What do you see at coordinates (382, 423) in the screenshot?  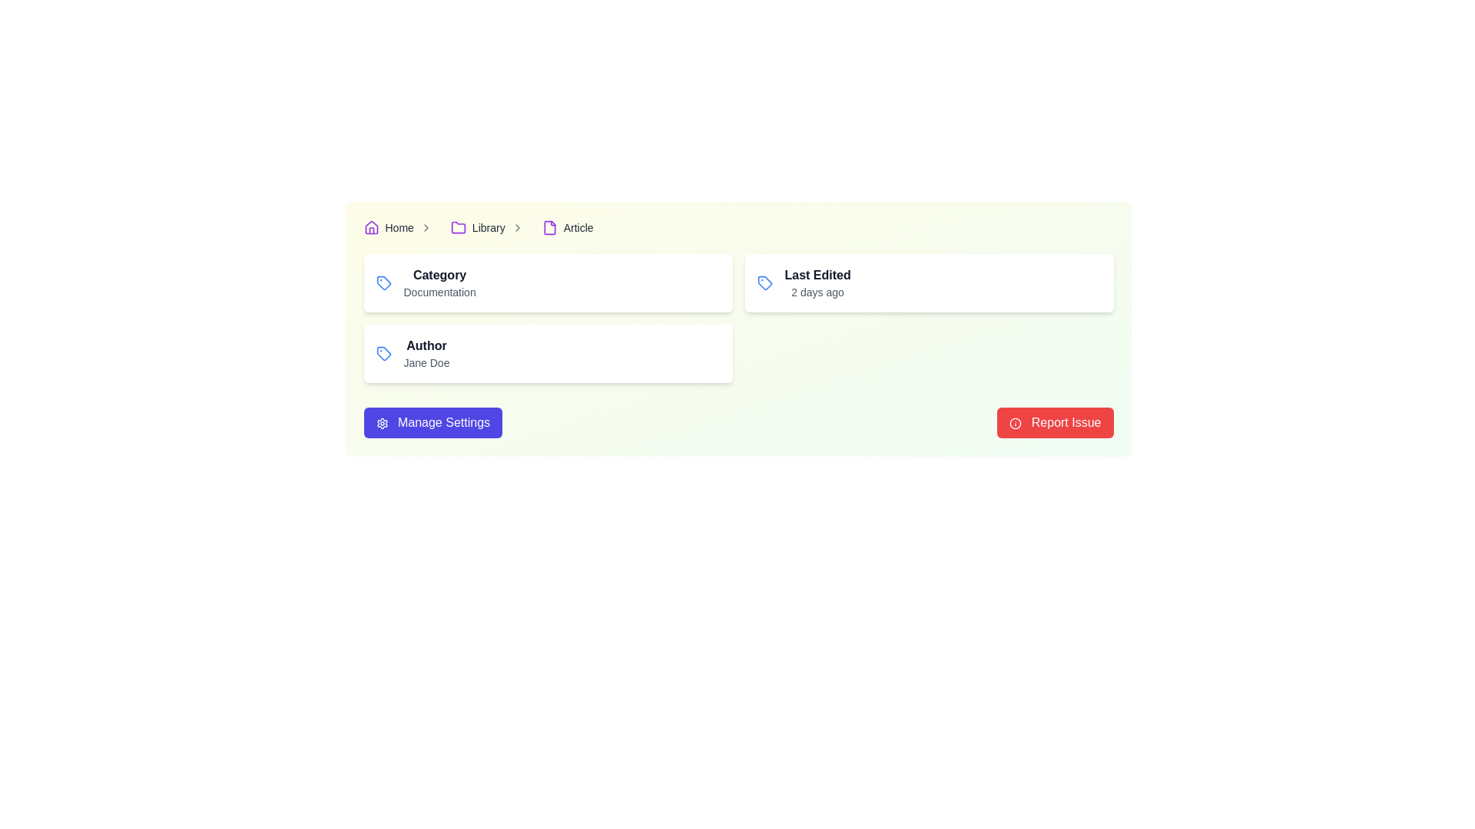 I see `the gear icon indicating settings, which is embedded in the 'Manage Settings' button with a purple background` at bounding box center [382, 423].